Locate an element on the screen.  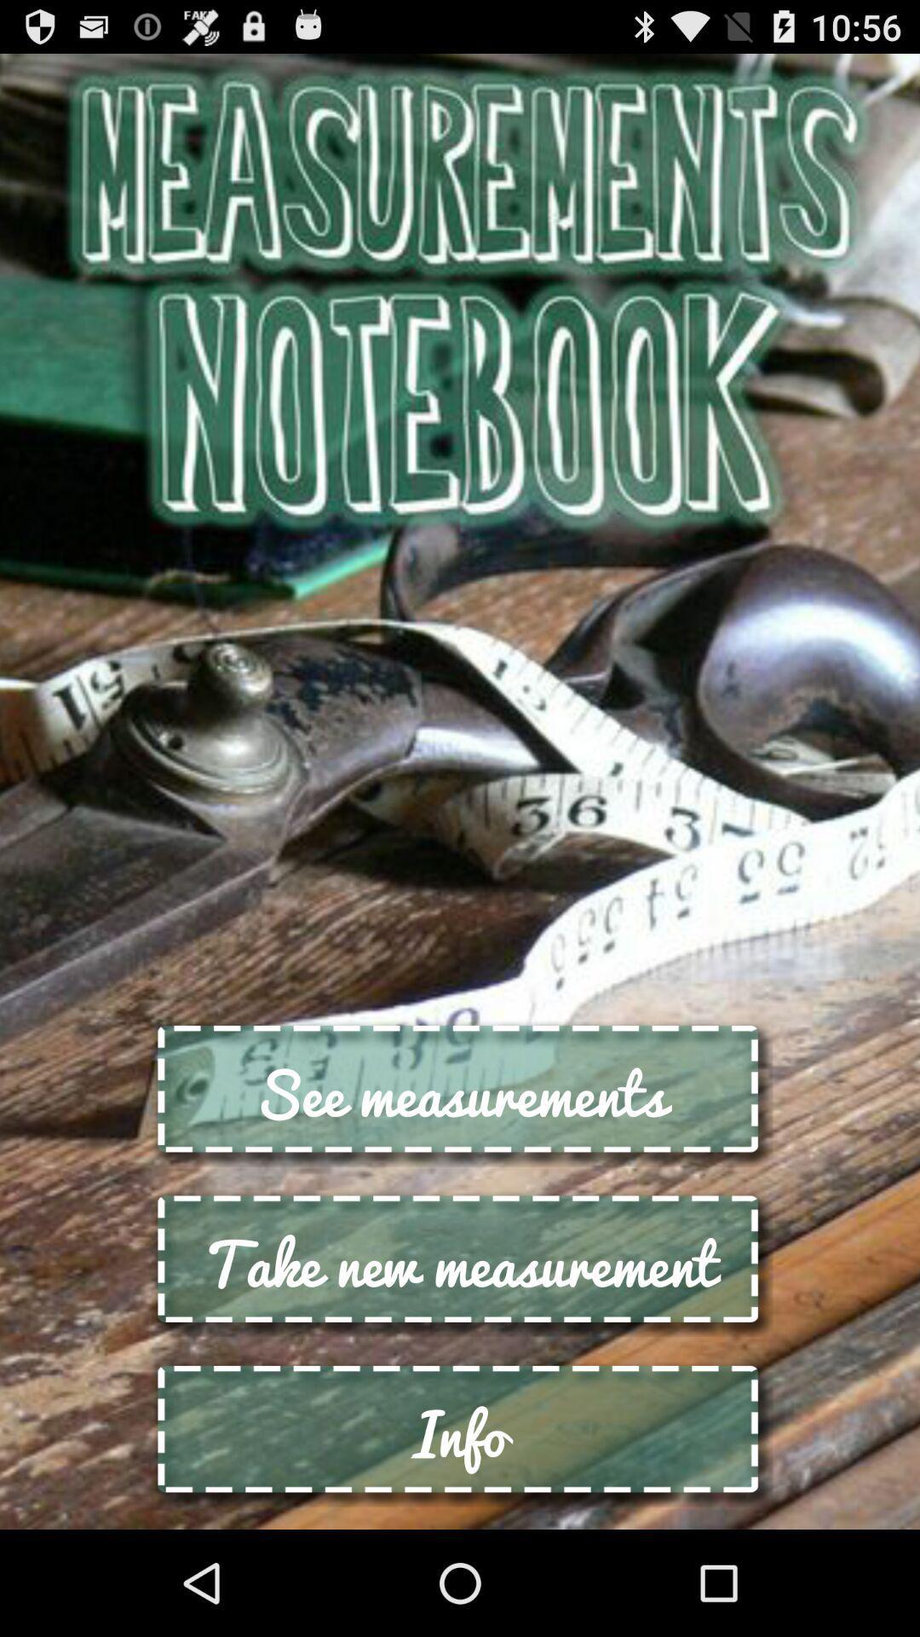
the take new measurement is located at coordinates (460, 1263).